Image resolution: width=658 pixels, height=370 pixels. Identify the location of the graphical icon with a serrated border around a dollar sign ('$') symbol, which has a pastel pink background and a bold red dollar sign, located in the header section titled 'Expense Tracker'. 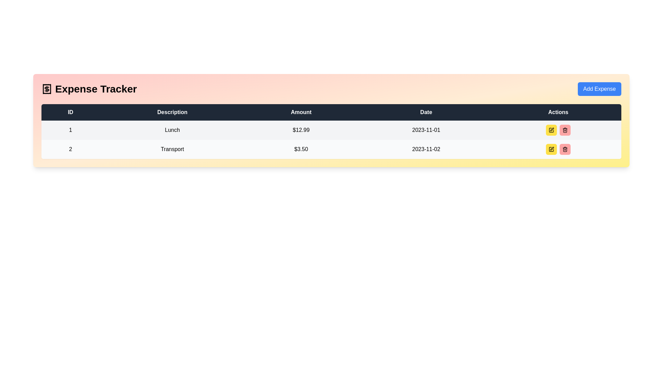
(47, 88).